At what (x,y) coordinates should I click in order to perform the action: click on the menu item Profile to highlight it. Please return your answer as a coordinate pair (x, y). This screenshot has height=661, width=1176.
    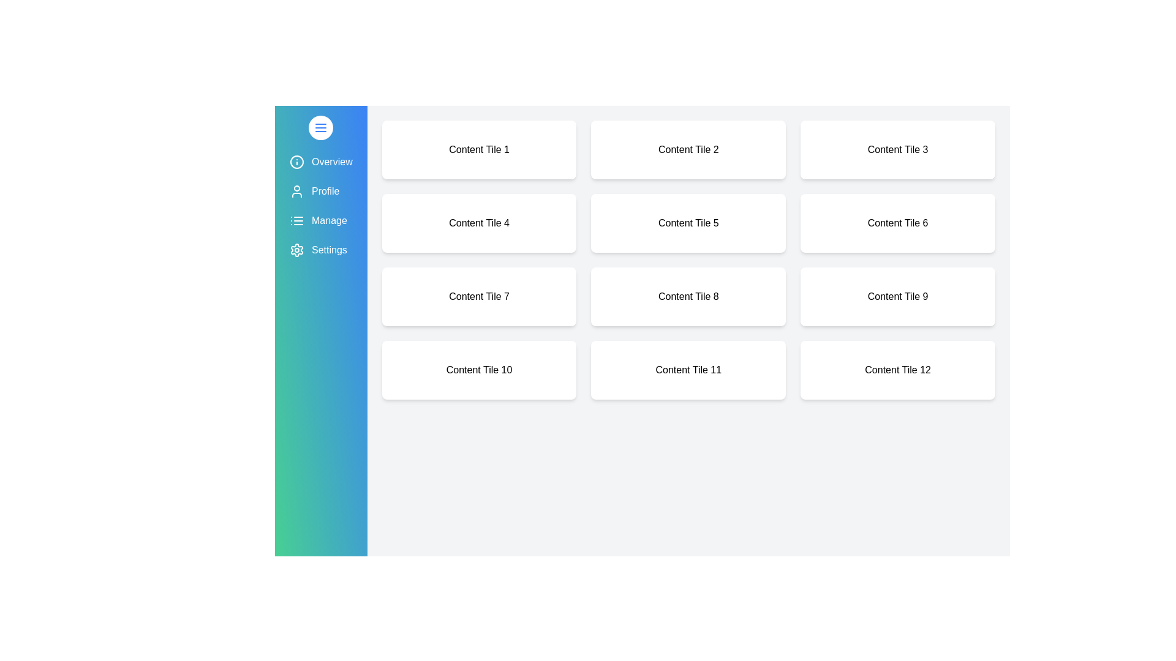
    Looking at the image, I should click on (320, 191).